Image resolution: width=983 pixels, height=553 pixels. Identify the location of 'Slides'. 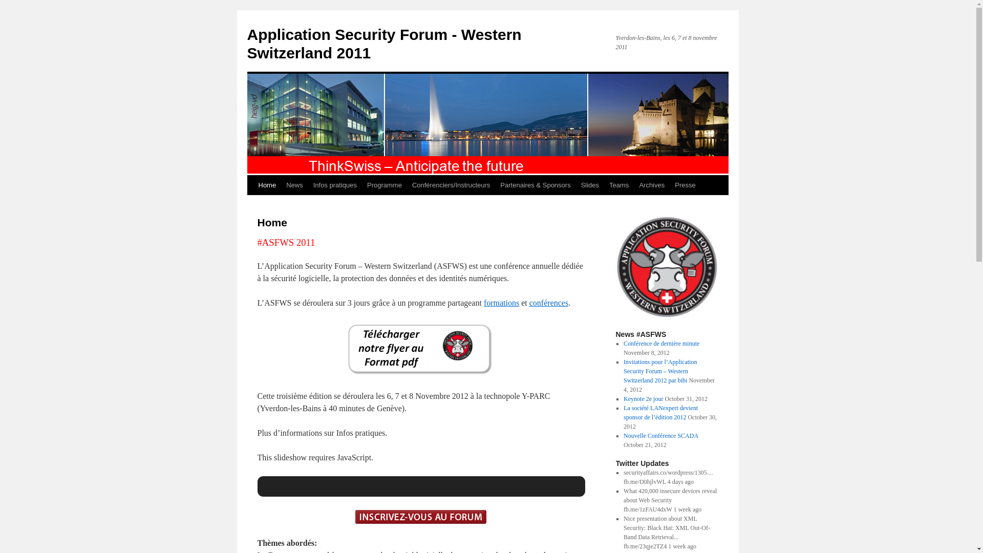
(590, 185).